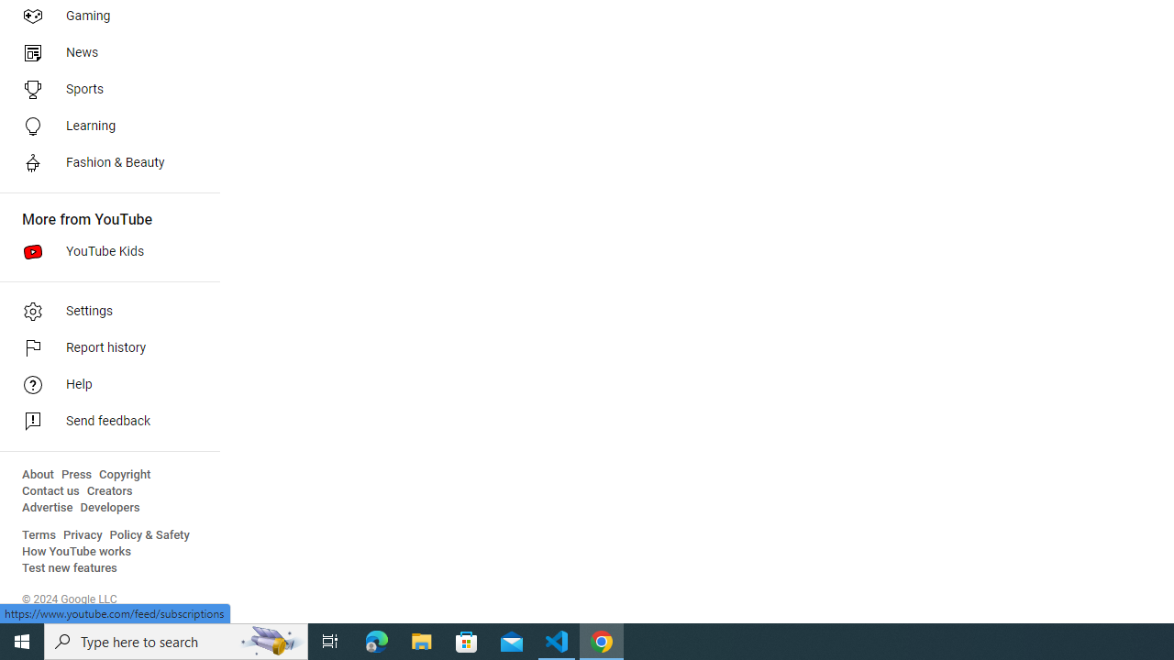 The image size is (1174, 660). What do you see at coordinates (103, 348) in the screenshot?
I see `'Report history'` at bounding box center [103, 348].